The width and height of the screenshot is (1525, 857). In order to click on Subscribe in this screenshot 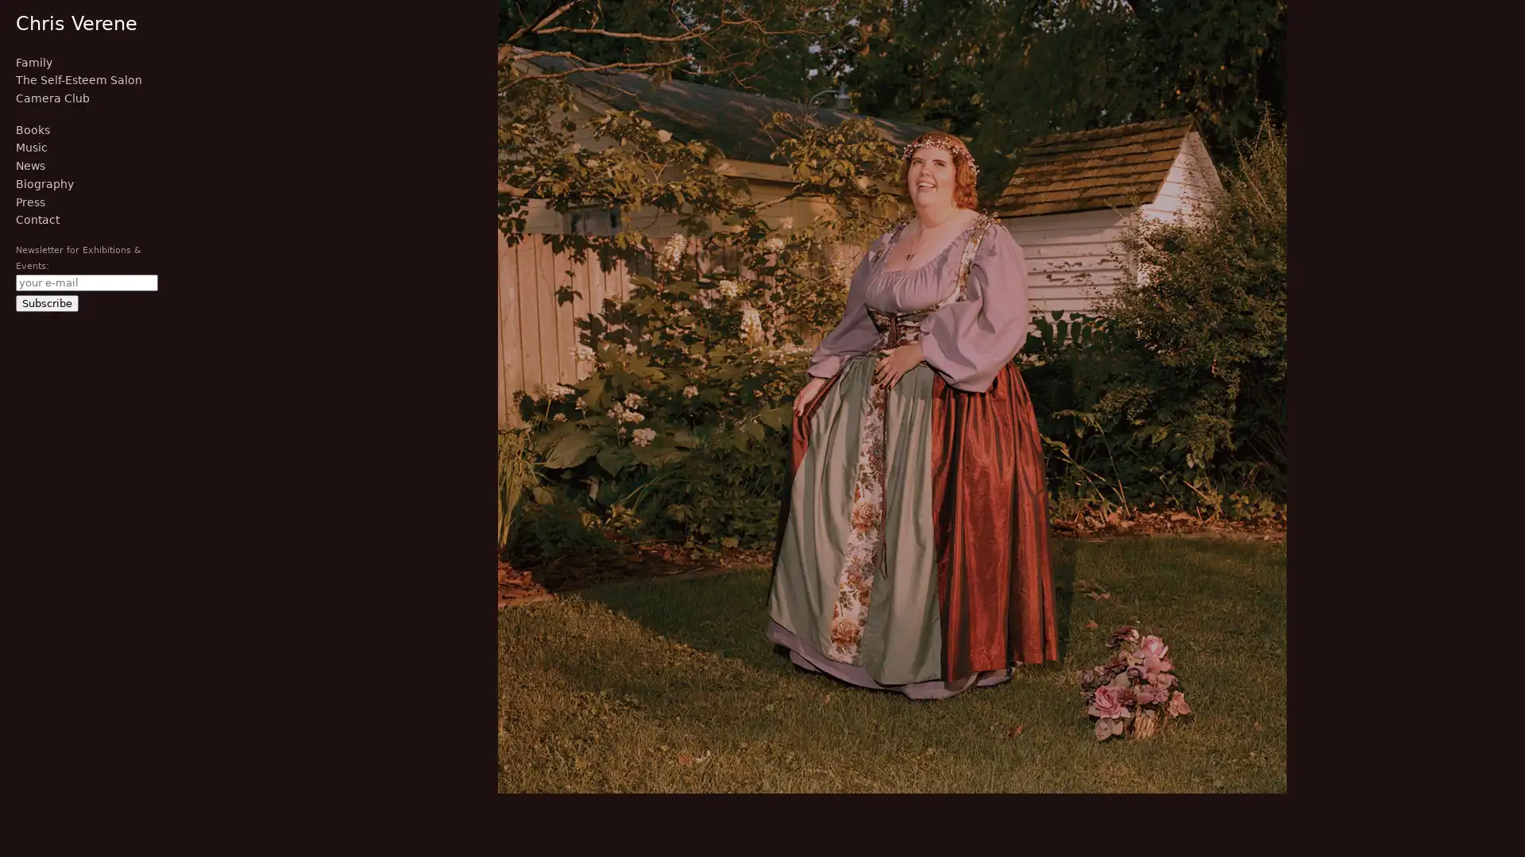, I will do `click(47, 302)`.